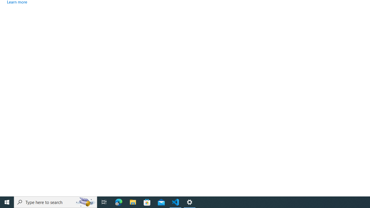  Describe the element at coordinates (147, 202) in the screenshot. I see `'Microsoft Store'` at that location.